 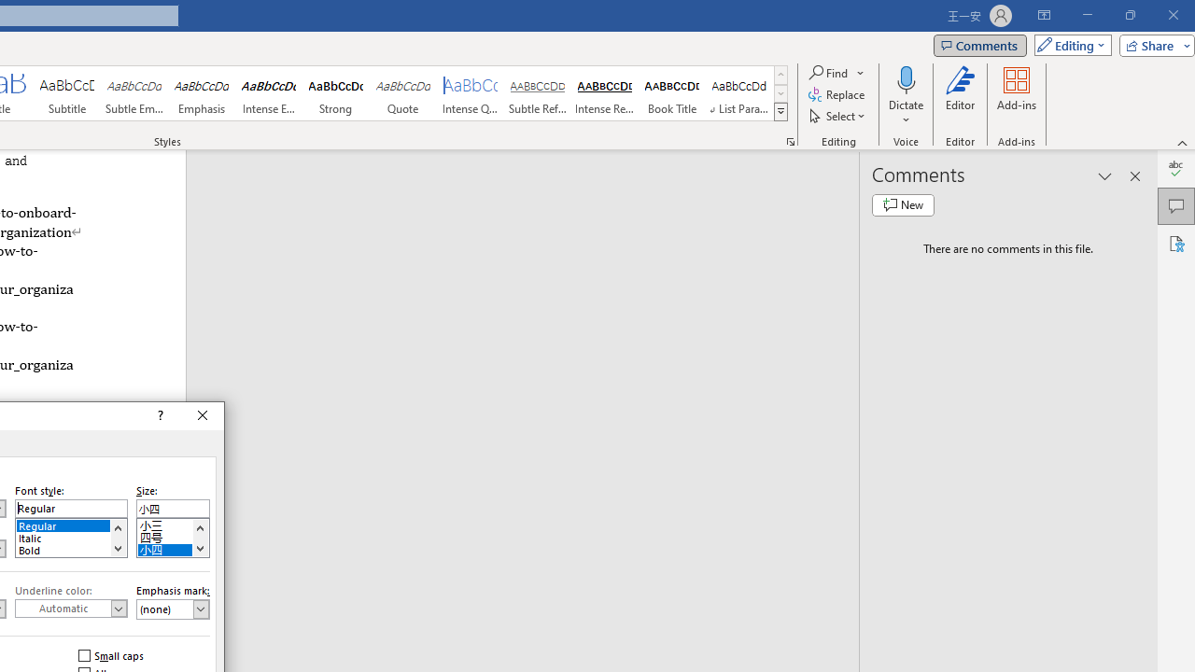 I want to click on 'Strong', so click(x=335, y=93).